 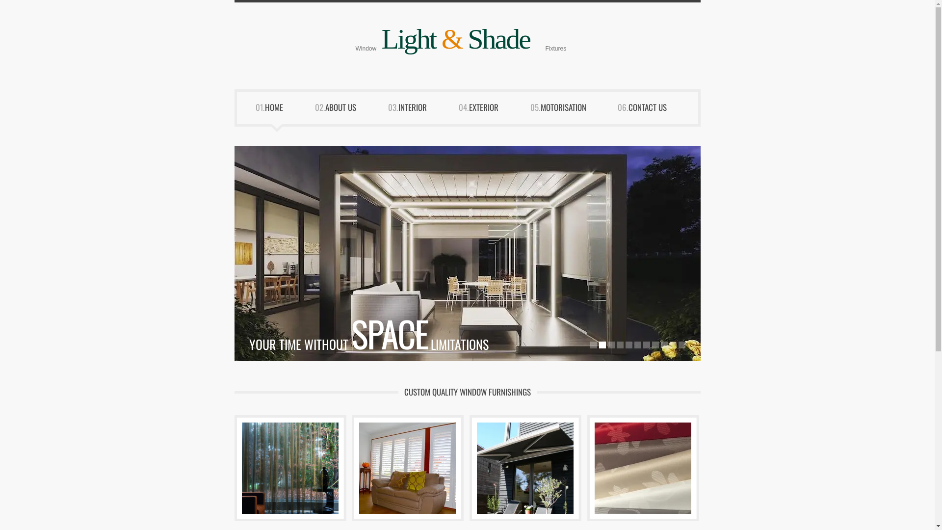 I want to click on '11', so click(x=678, y=344).